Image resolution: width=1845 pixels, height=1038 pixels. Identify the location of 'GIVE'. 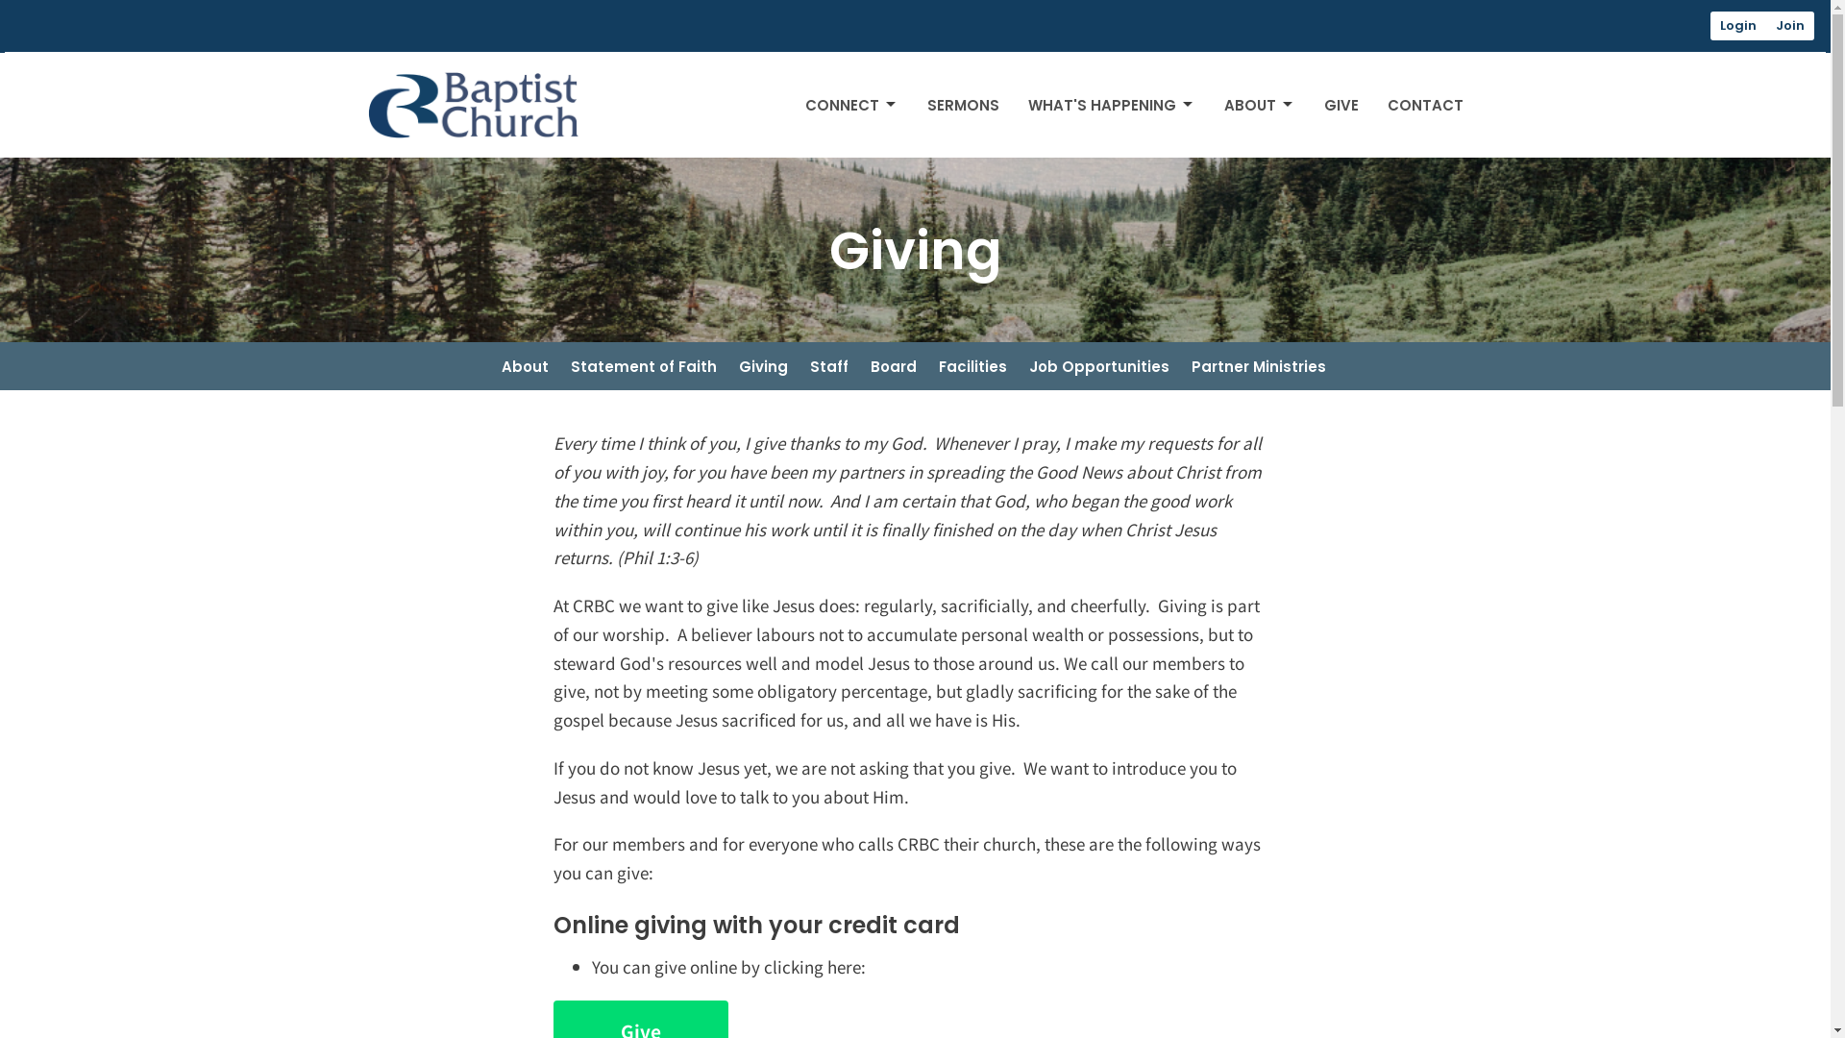
(1341, 105).